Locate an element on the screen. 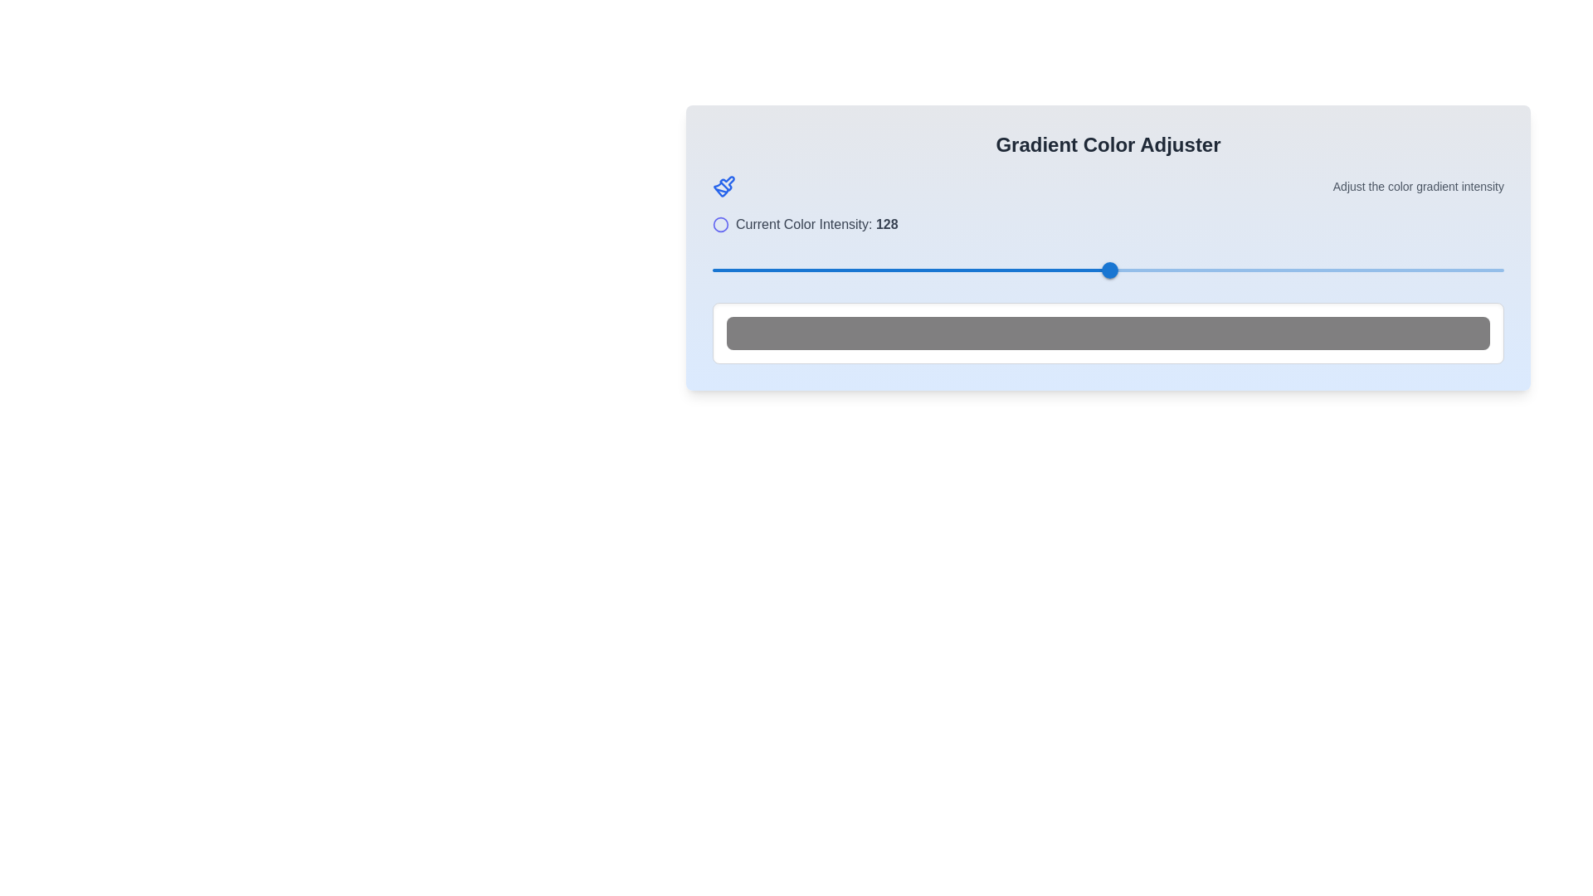 This screenshot has height=896, width=1593. the gradient color intensity is located at coordinates (836, 270).